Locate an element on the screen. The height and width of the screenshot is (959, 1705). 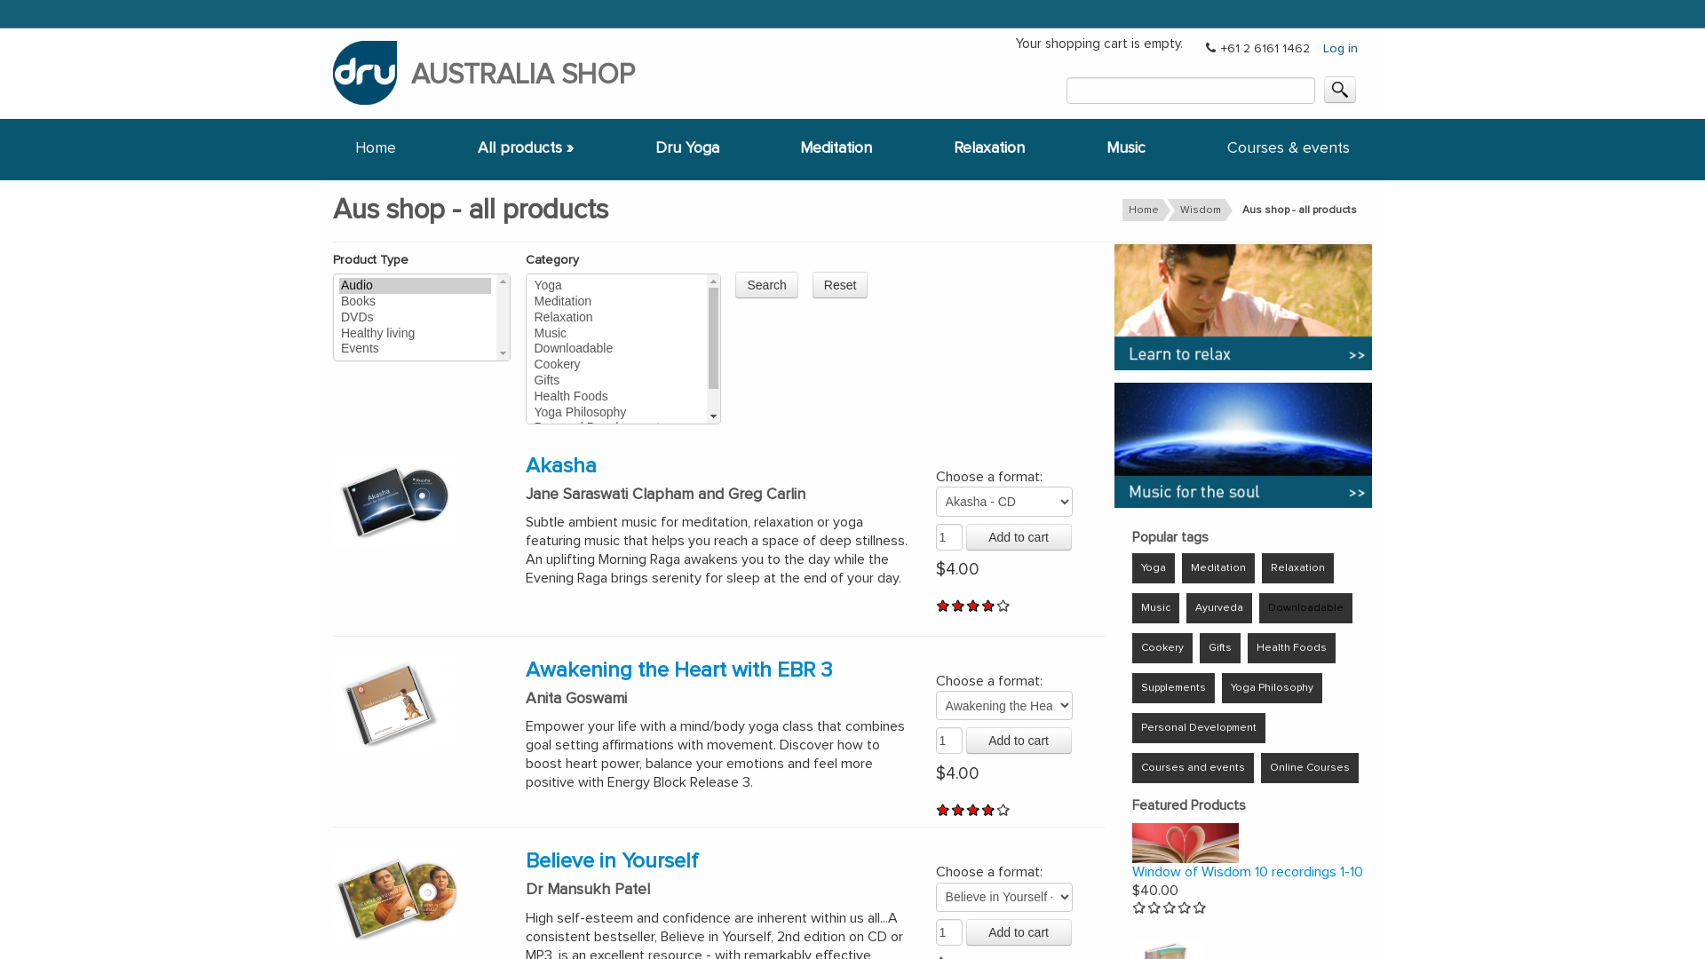
'Return to DruYoga.com Aus home' is located at coordinates (370, 71).